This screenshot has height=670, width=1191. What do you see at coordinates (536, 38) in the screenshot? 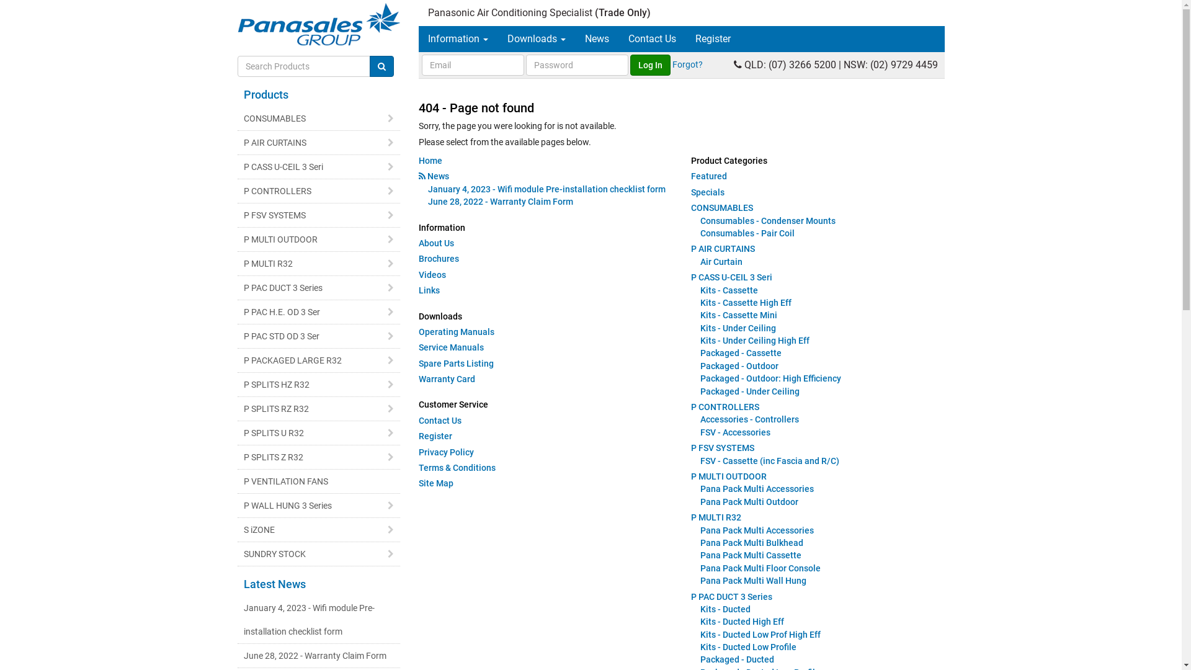
I see `'Downloads'` at bounding box center [536, 38].